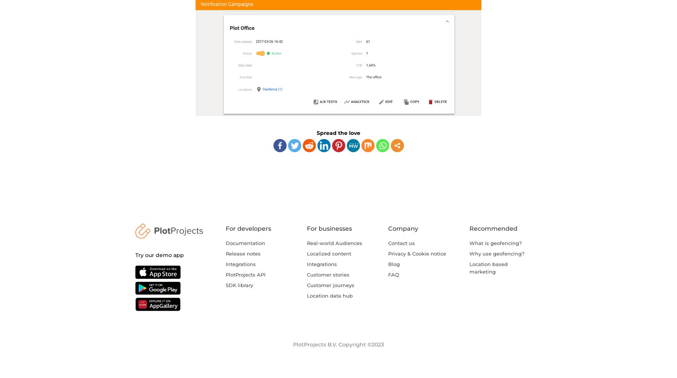 The image size is (677, 378). What do you see at coordinates (330, 284) in the screenshot?
I see `'Customer journeys'` at bounding box center [330, 284].